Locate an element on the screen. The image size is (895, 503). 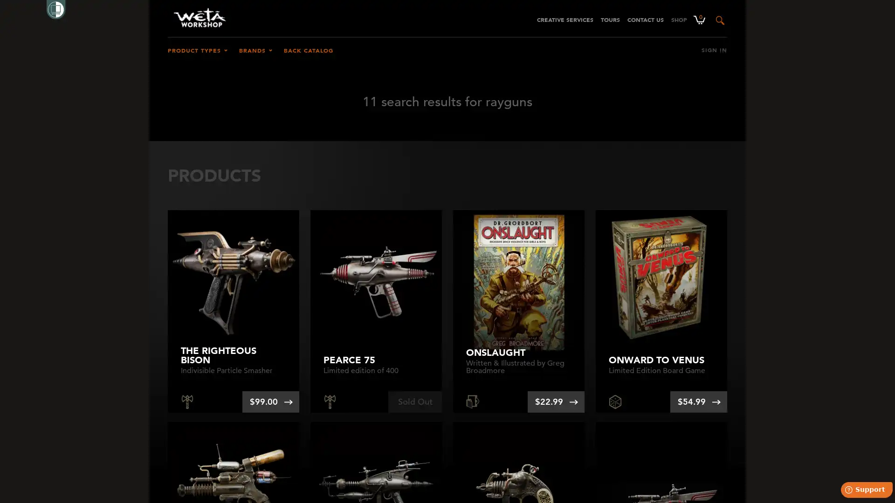
$54.99 Buy Now is located at coordinates (698, 401).